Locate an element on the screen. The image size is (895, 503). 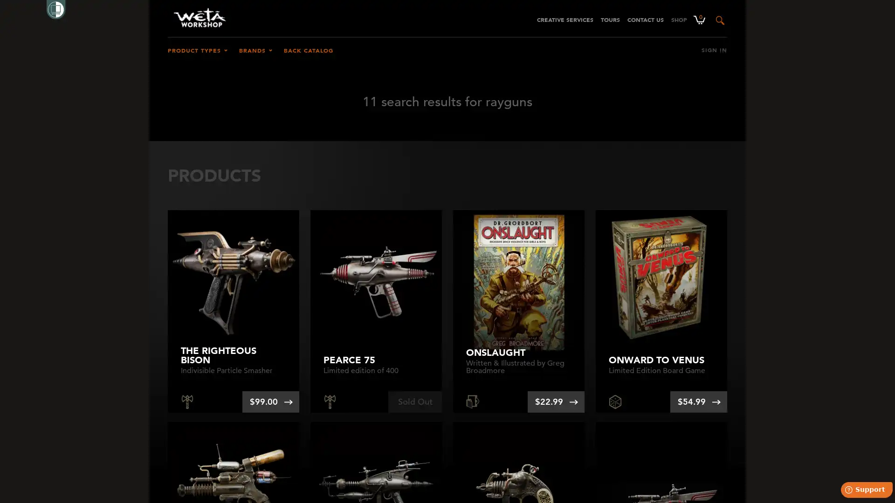
$54.99 Buy Now is located at coordinates (698, 401).